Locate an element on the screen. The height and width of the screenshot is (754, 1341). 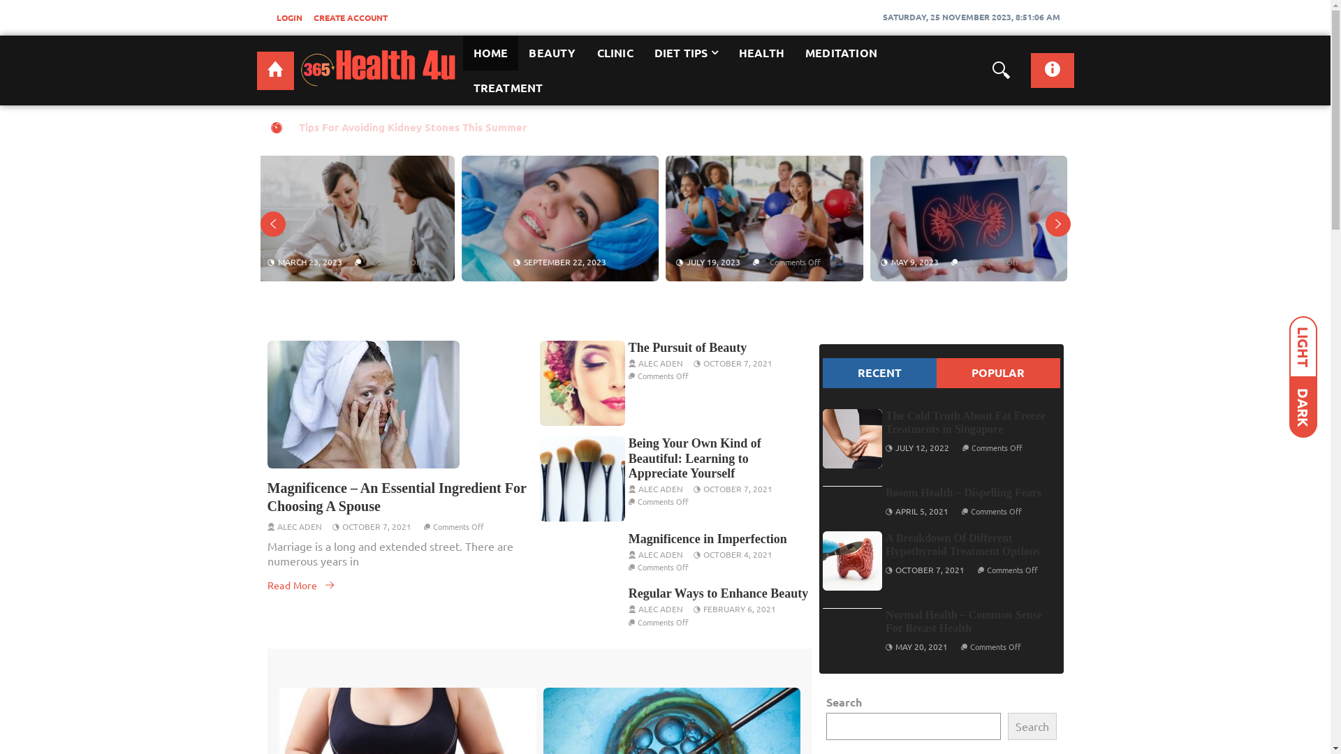
'CLINIC' is located at coordinates (615, 52).